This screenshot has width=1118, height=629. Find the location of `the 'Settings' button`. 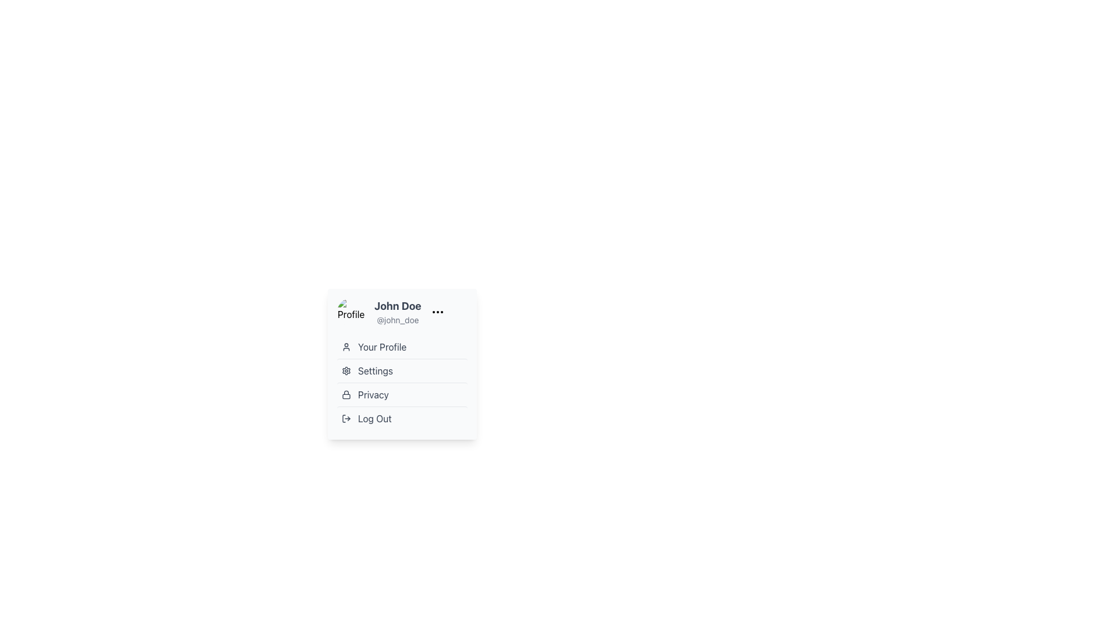

the 'Settings' button is located at coordinates (402, 383).